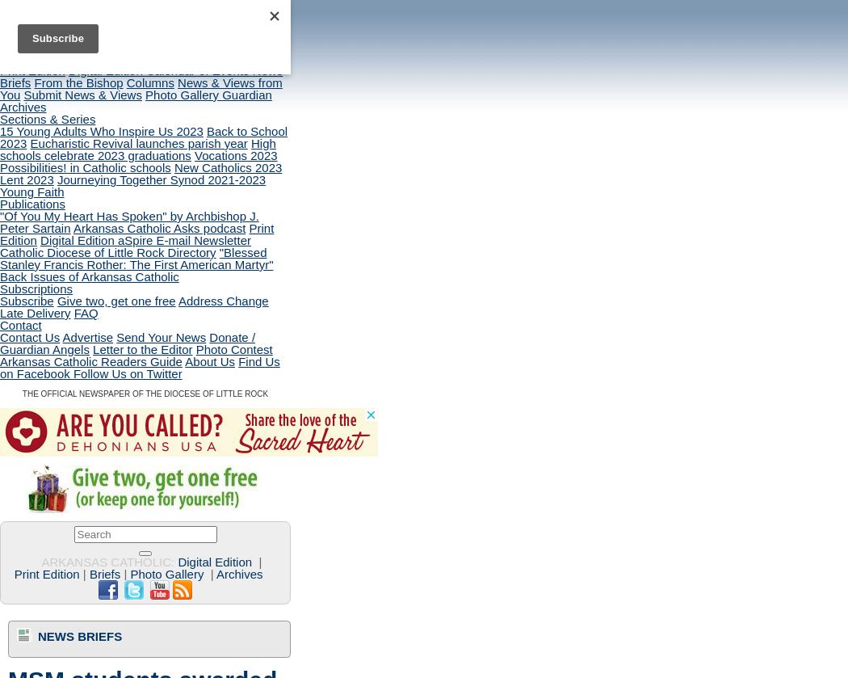 This screenshot has width=848, height=678. I want to click on 'Donate / Guardian Angels', so click(128, 343).